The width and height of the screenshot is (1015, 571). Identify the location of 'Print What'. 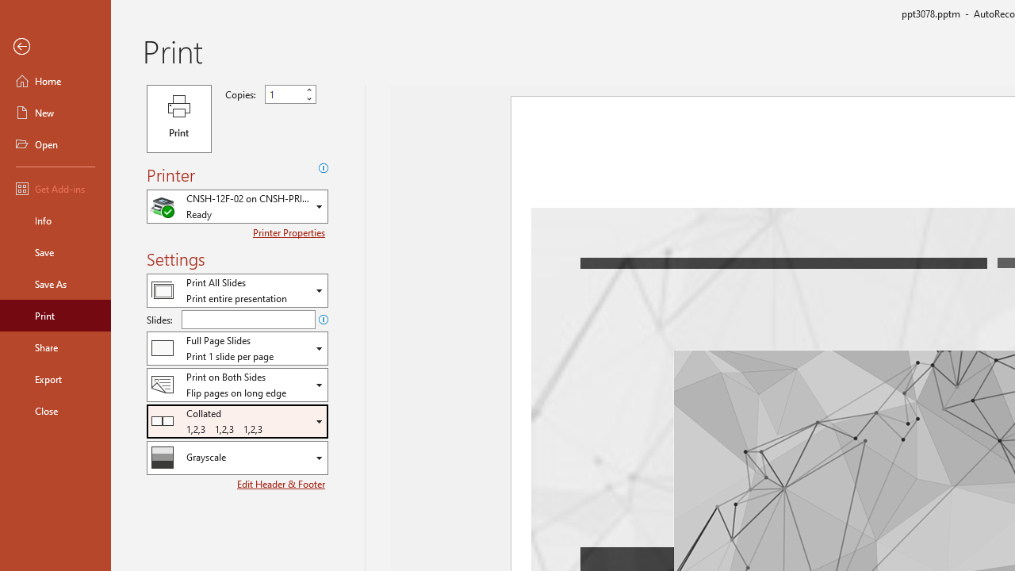
(236, 290).